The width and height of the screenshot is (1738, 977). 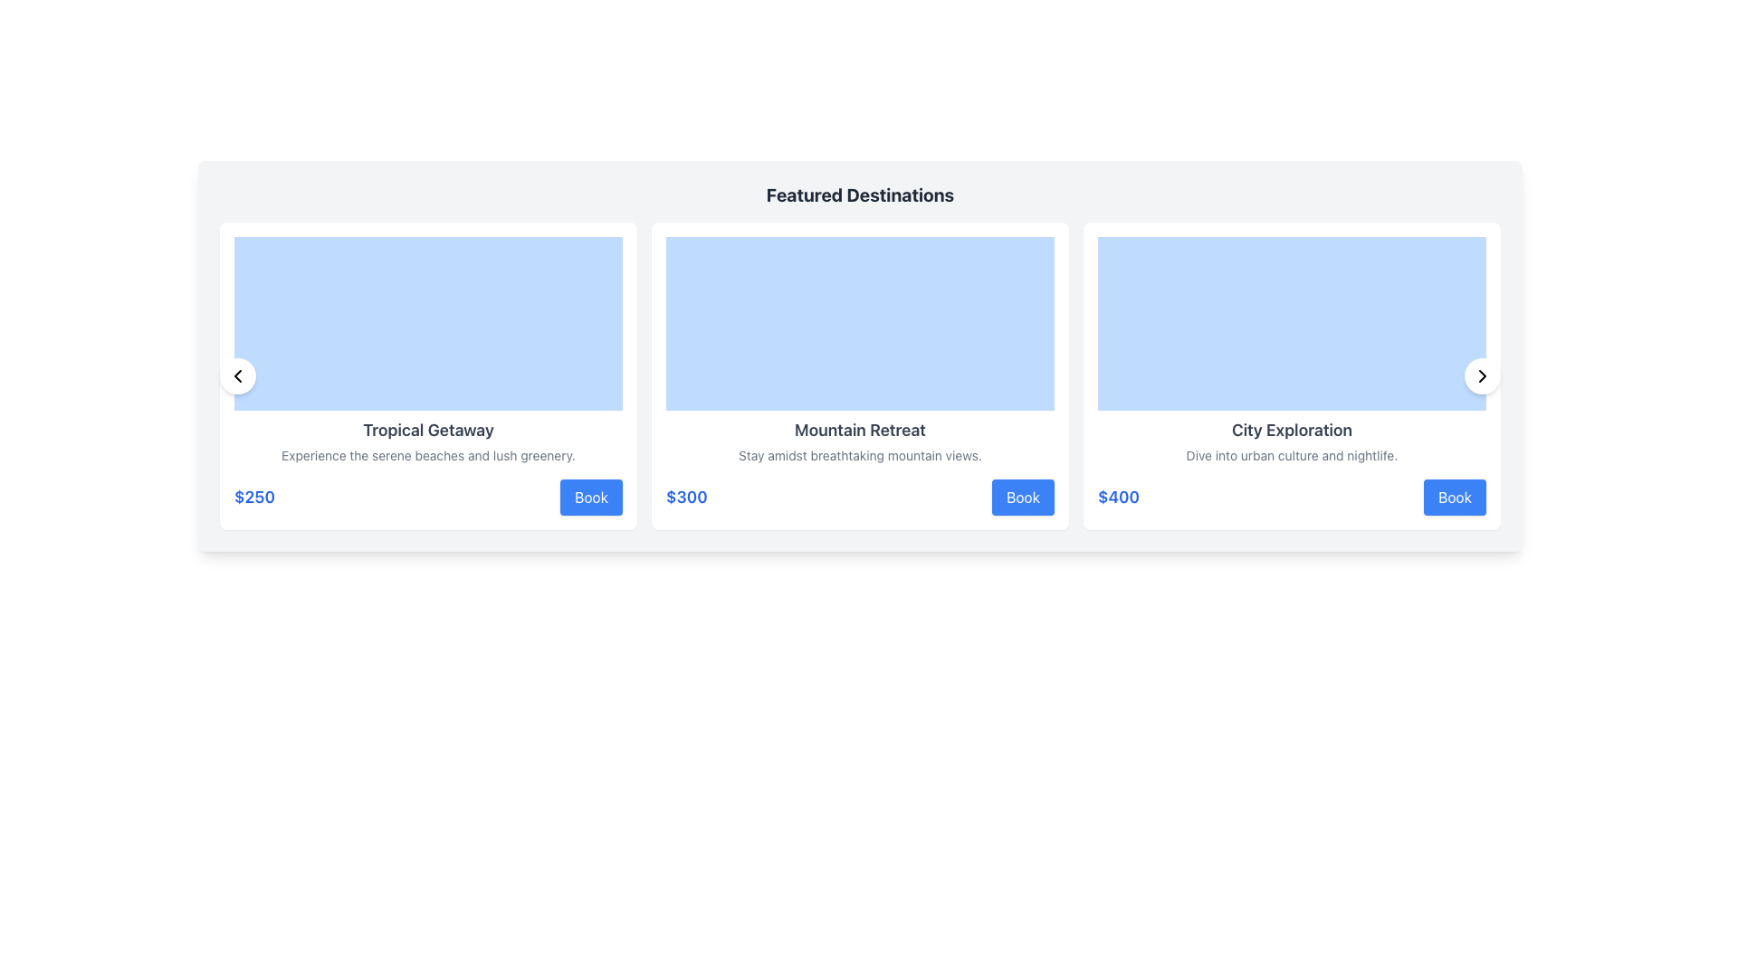 I want to click on the descriptive text that reads 'Dive into urban culture and nightlife.' located under the heading 'City Exploration' in the rightmost column of the 'Featured Destinations' layout, so click(x=1291, y=455).